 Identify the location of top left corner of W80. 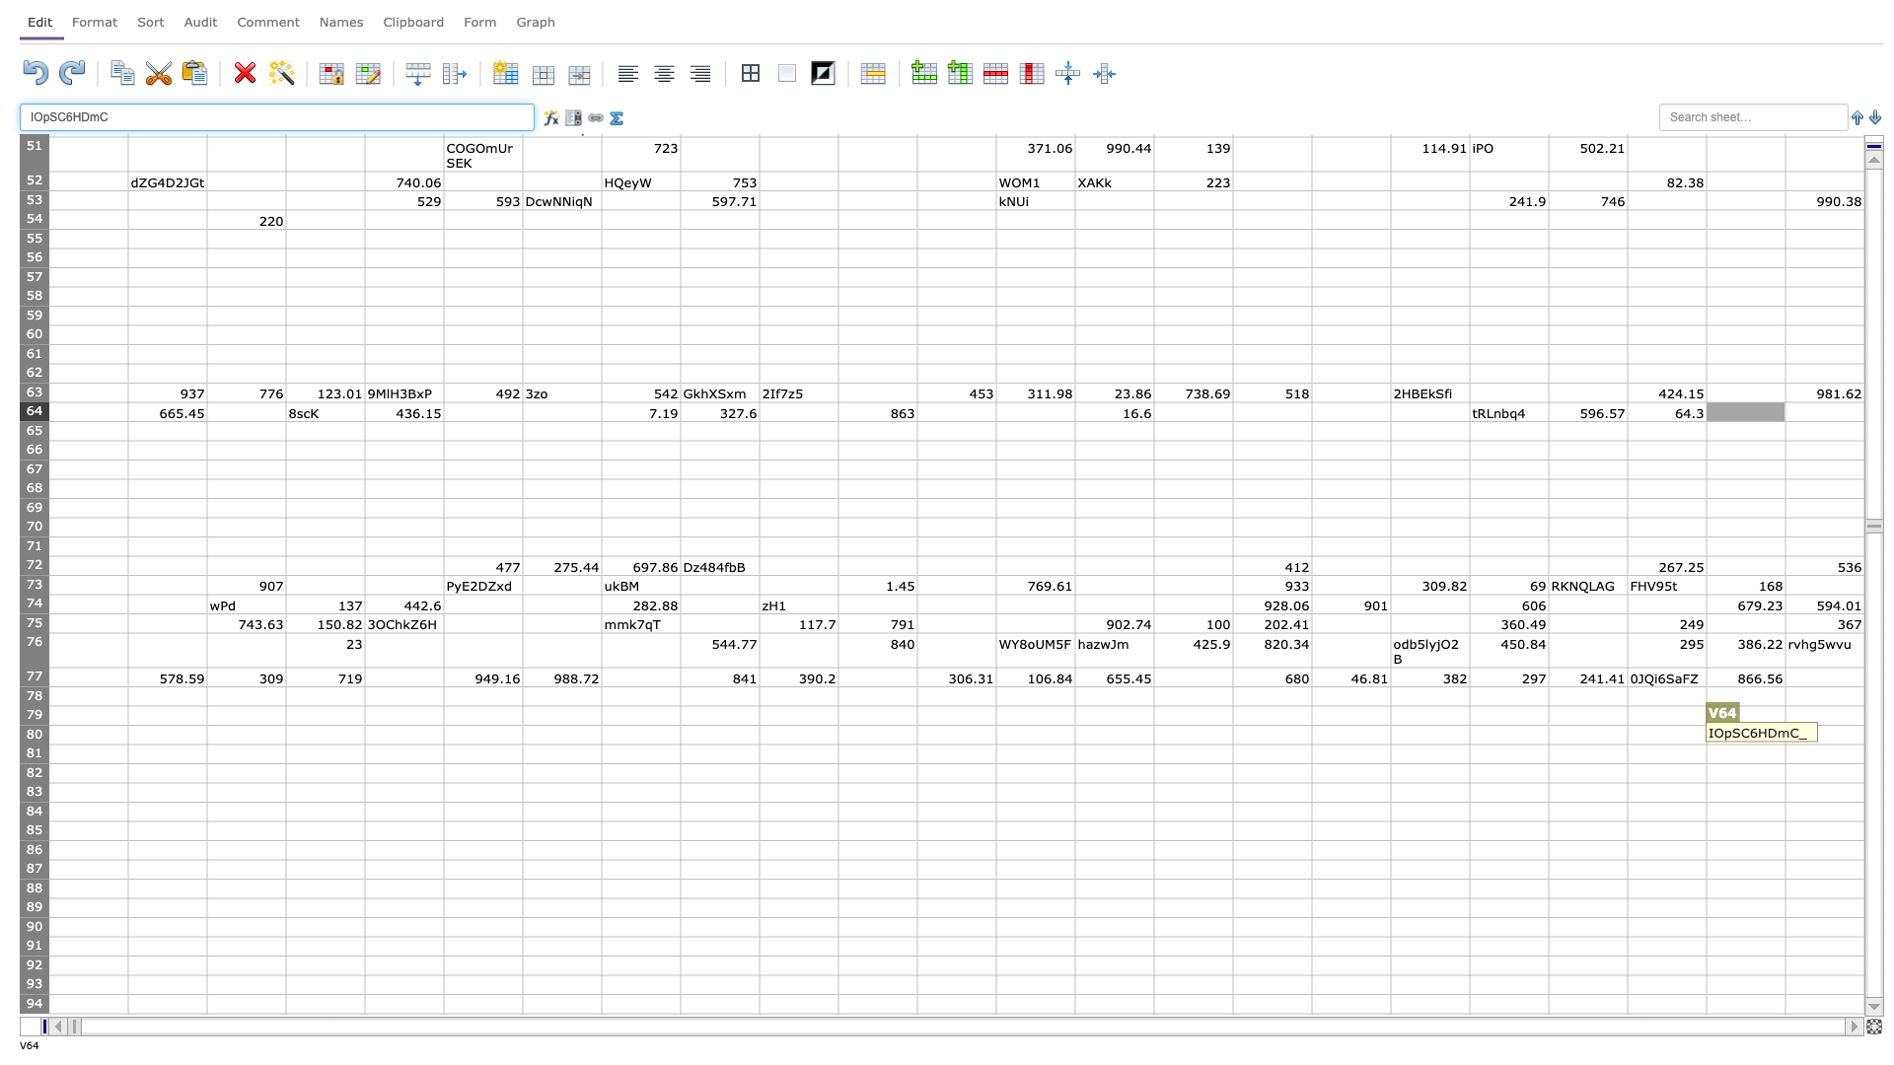
(1785, 725).